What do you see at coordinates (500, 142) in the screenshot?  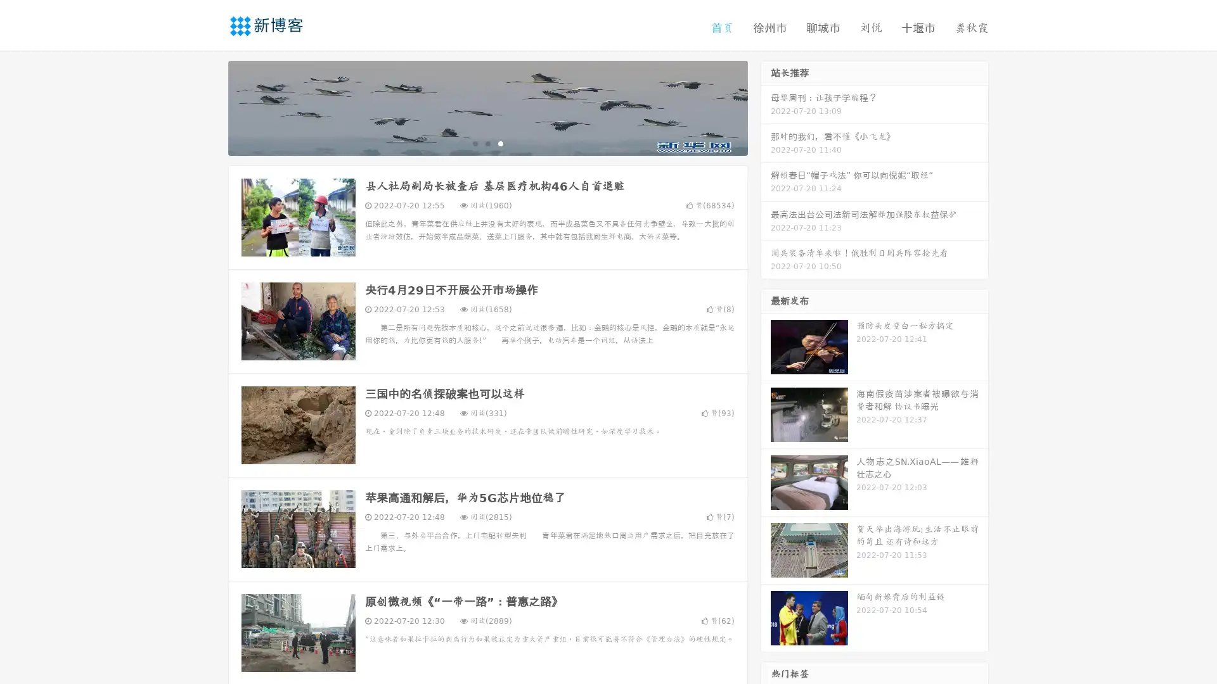 I see `Go to slide 3` at bounding box center [500, 142].